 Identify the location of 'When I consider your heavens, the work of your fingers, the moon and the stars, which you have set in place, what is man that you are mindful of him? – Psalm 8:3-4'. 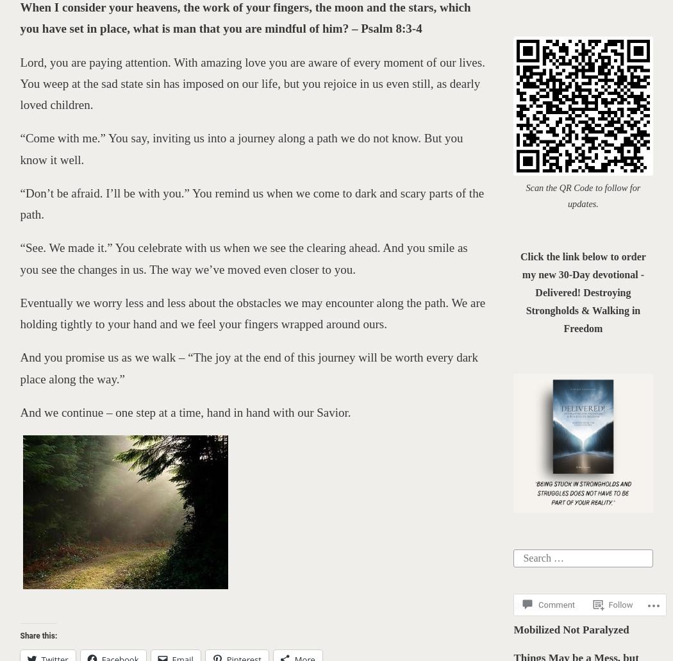
(245, 18).